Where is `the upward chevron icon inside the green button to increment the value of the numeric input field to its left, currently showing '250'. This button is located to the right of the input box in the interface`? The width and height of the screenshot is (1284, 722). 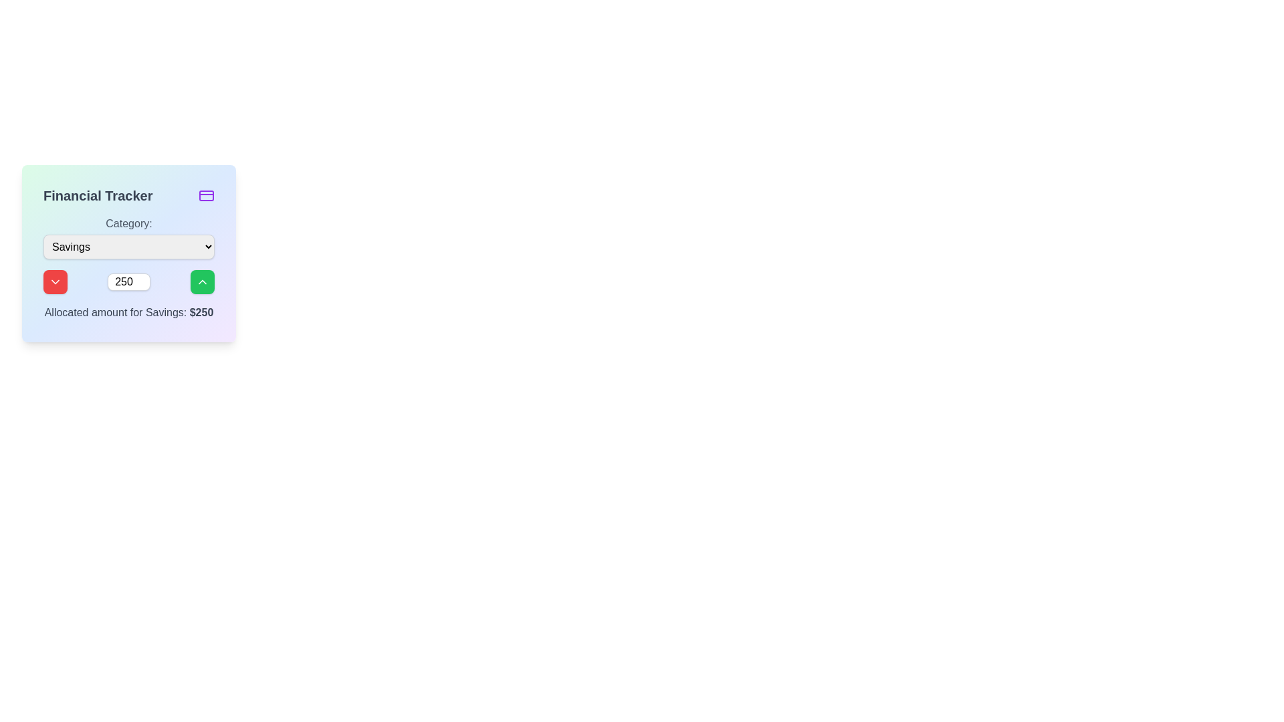
the upward chevron icon inside the green button to increment the value of the numeric input field to its left, currently showing '250'. This button is located to the right of the input box in the interface is located at coordinates (201, 281).